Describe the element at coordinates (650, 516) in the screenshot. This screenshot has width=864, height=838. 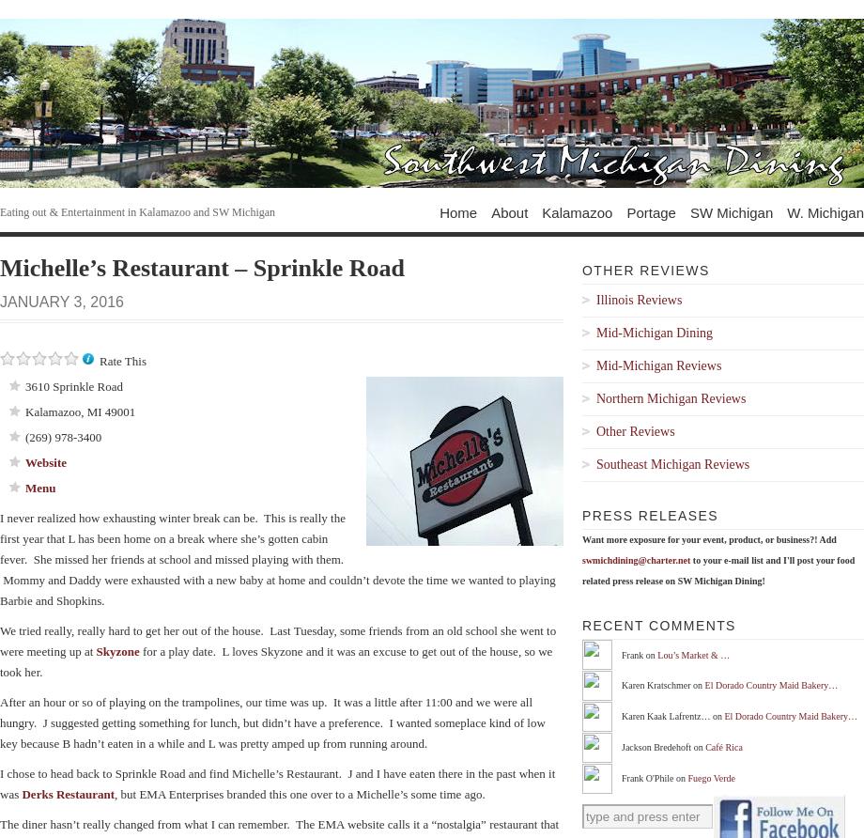
I see `'Press Releases'` at that location.